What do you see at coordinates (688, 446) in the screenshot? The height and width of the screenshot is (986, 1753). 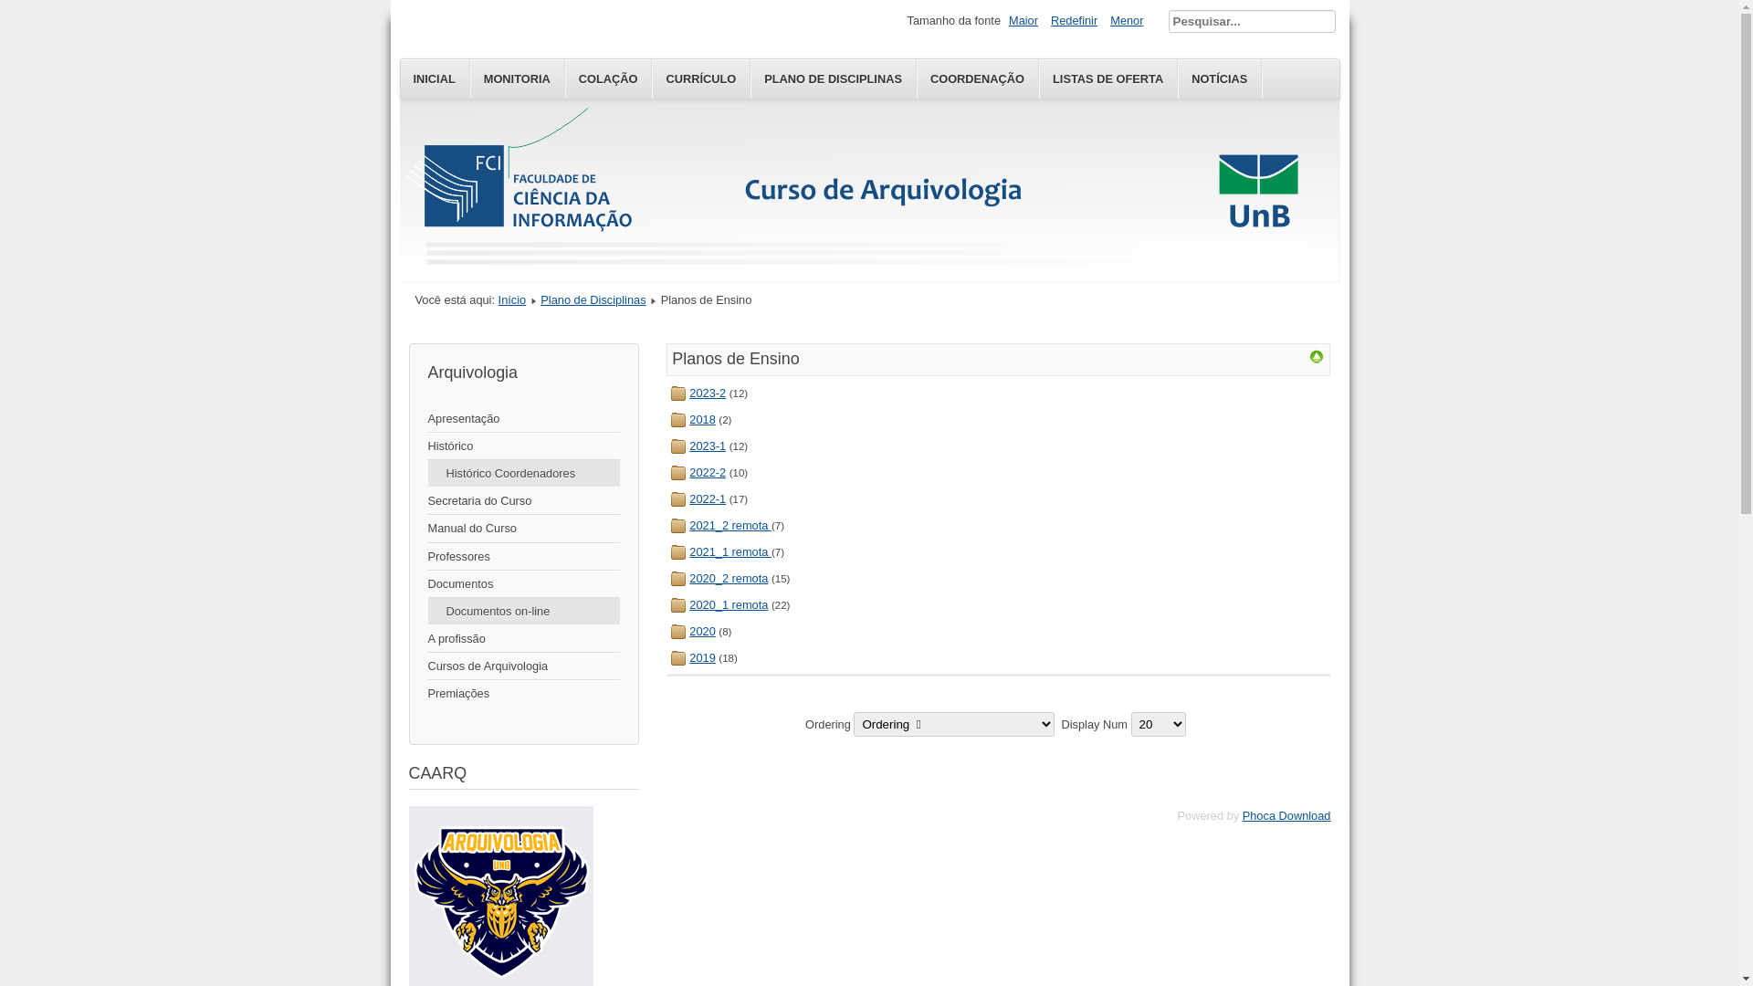 I see `'2023-1'` at bounding box center [688, 446].